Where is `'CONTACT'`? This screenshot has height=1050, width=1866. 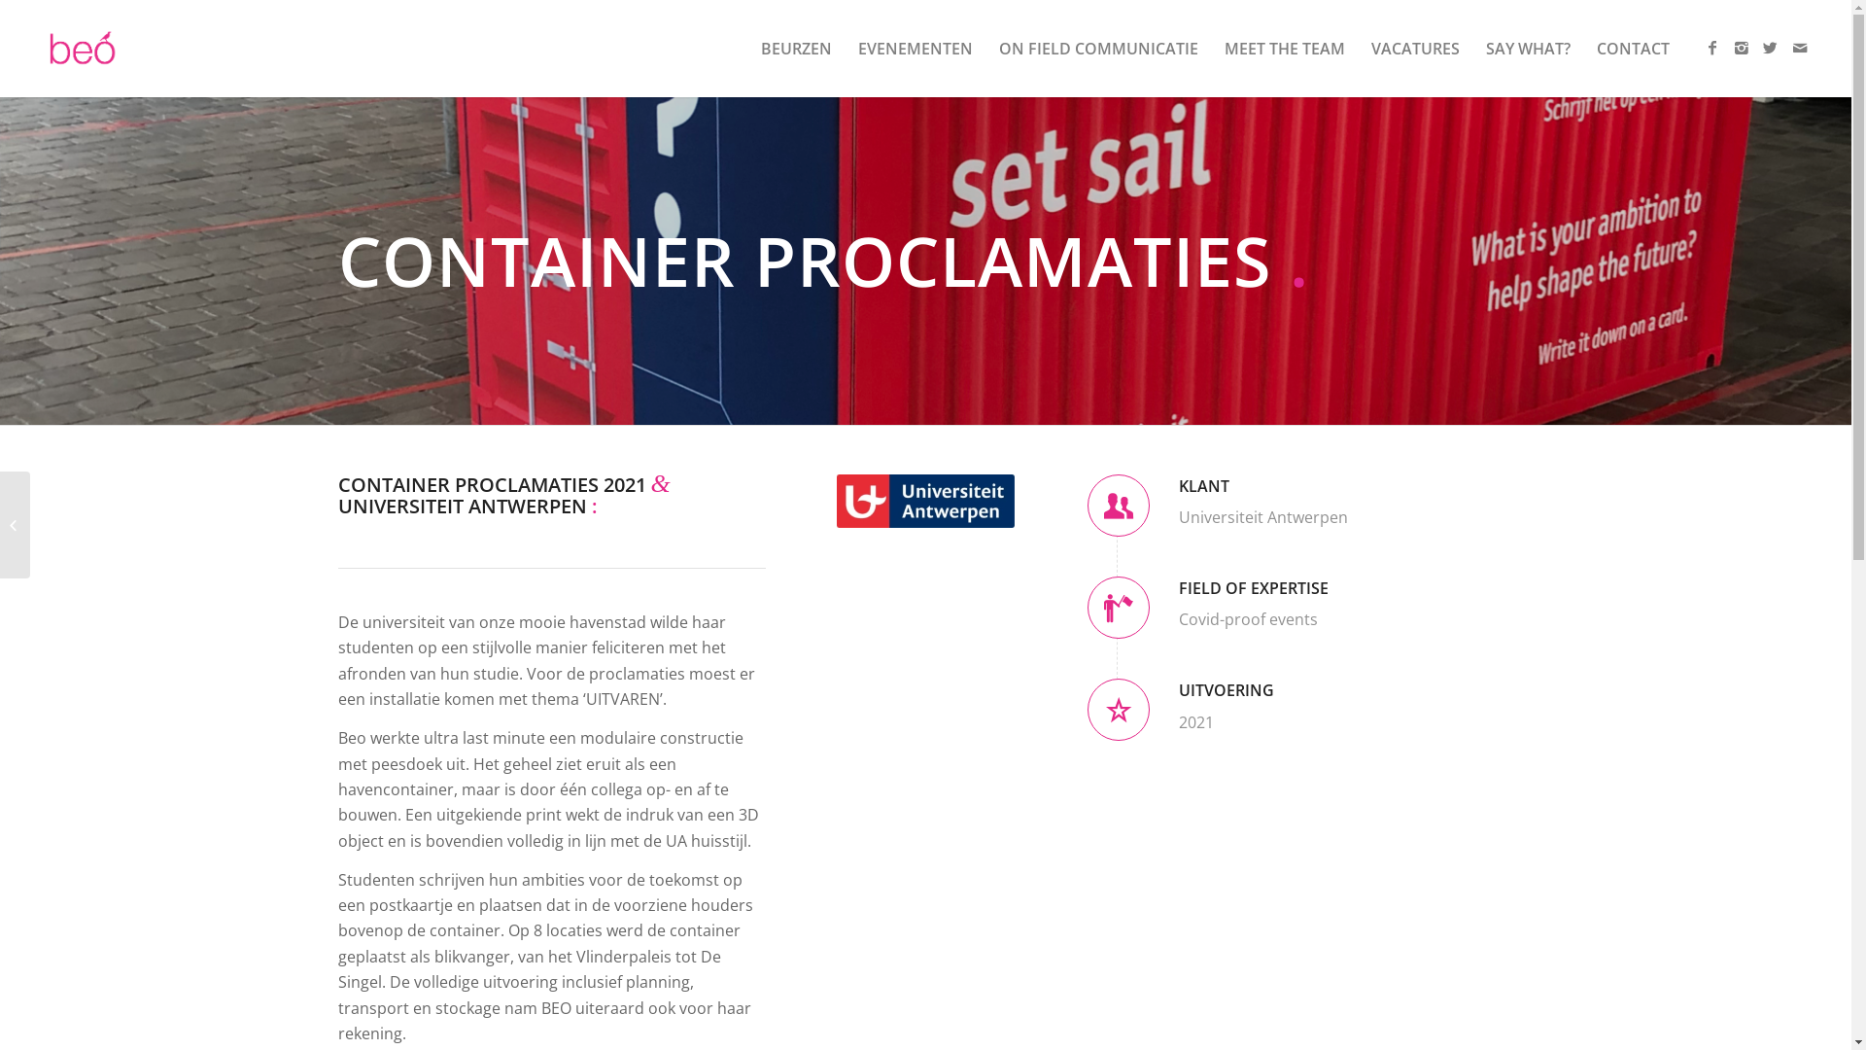 'CONTACT' is located at coordinates (1633, 48).